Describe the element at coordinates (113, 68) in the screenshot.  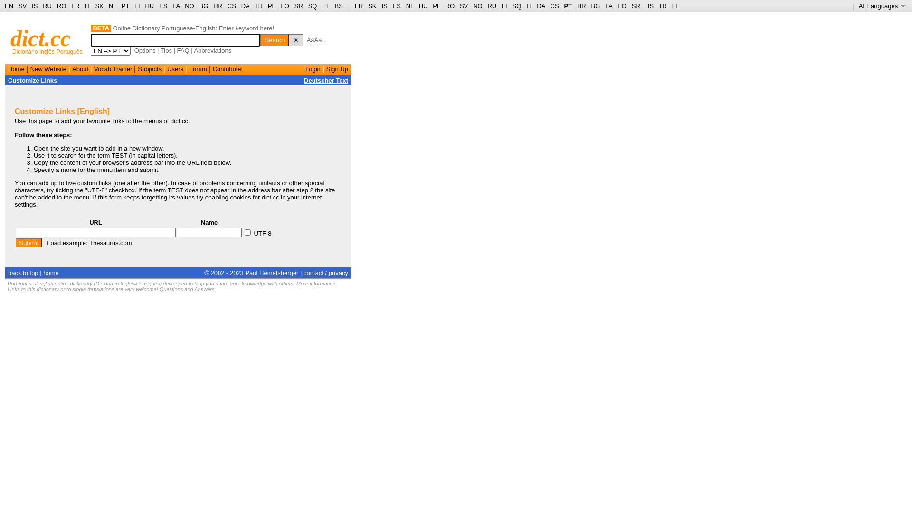
I see `'Vocab Trainer'` at that location.